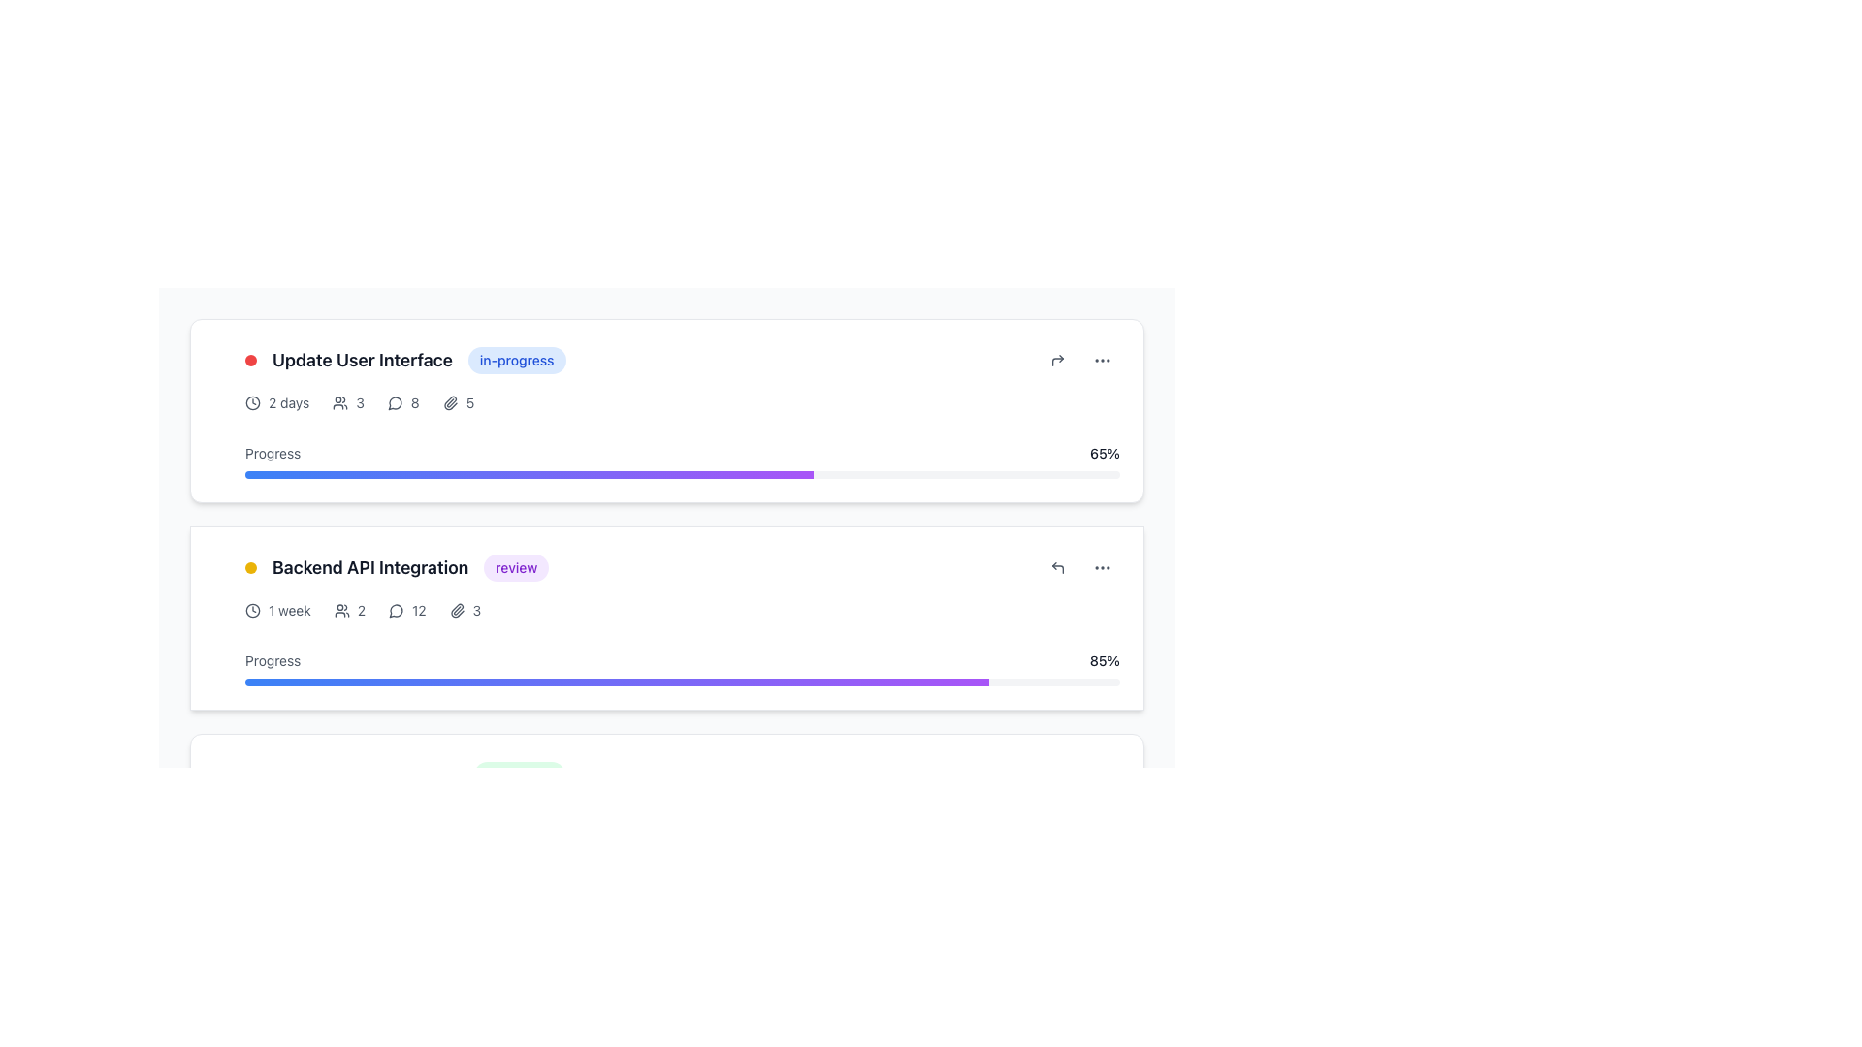  Describe the element at coordinates (683, 360) in the screenshot. I see `the icons located near the Headline section with a status tag component, positioned at the top of the task card` at that location.